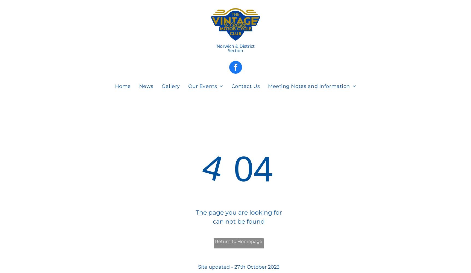 This screenshot has height=273, width=471. What do you see at coordinates (231, 86) in the screenshot?
I see `'Contact Us'` at bounding box center [231, 86].